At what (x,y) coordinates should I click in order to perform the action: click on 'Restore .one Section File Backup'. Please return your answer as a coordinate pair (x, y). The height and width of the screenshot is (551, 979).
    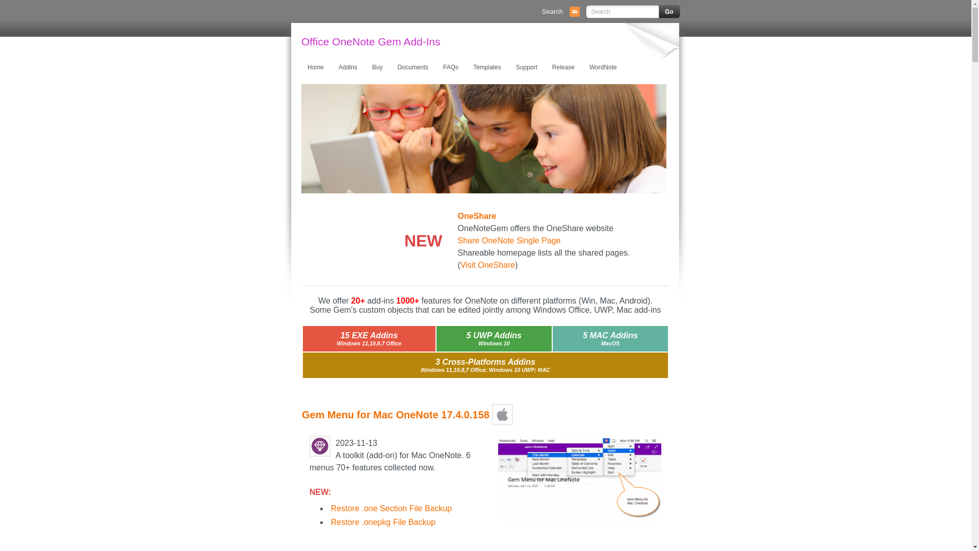
    Looking at the image, I should click on (391, 508).